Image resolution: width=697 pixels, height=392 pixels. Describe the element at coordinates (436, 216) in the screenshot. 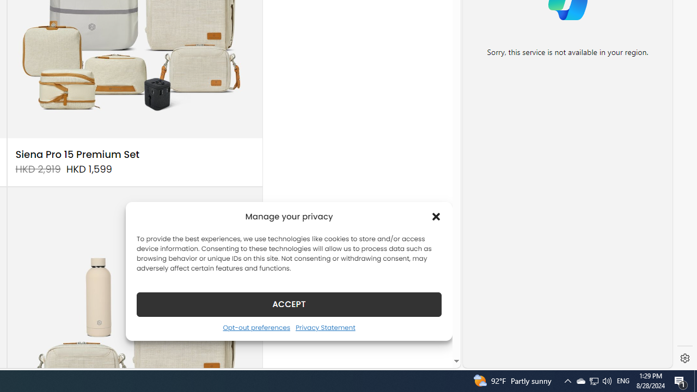

I see `'Class: cmplz-close'` at that location.